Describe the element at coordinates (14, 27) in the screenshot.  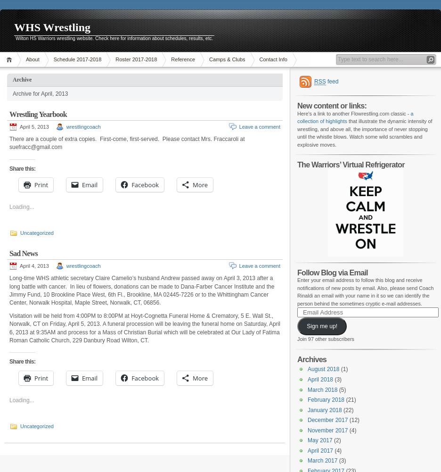
I see `'WHS Wrestling'` at that location.